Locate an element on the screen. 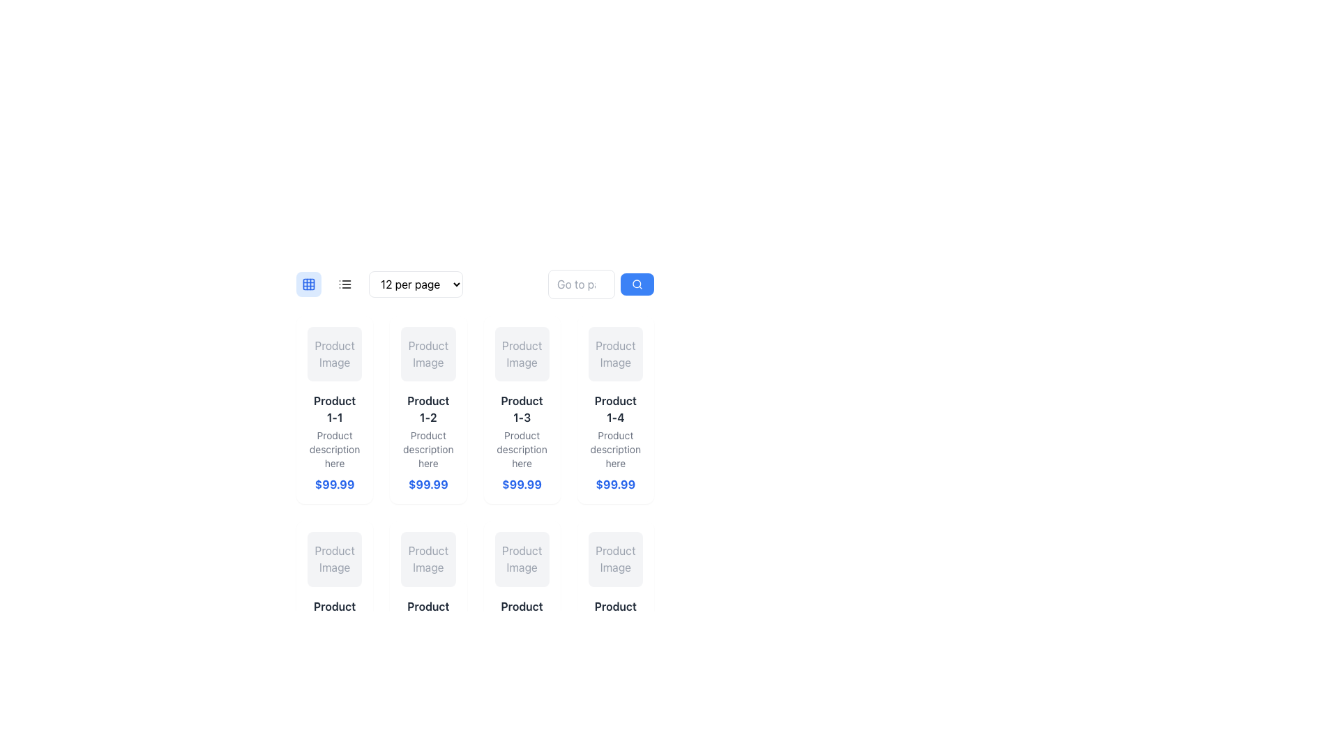 The width and height of the screenshot is (1339, 753). the static text block displaying 'Product 1-3' which is located in the third column of the first row in the product listings grid is located at coordinates (521, 409).